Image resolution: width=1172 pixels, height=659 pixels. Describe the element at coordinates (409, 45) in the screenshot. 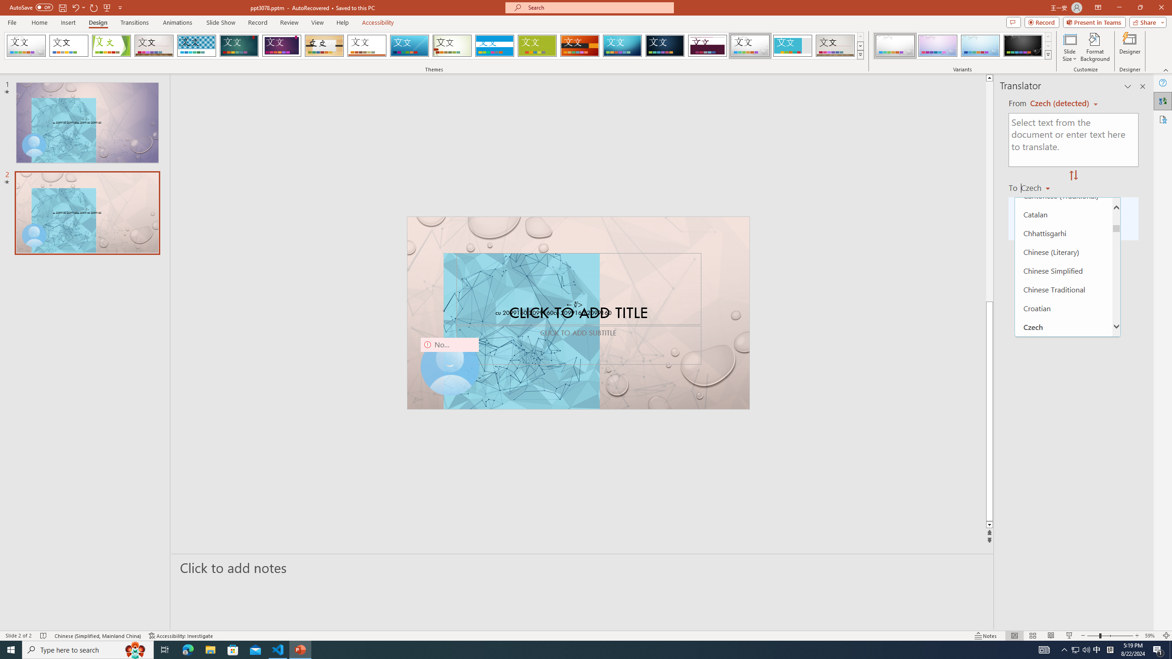

I see `'Slice'` at that location.